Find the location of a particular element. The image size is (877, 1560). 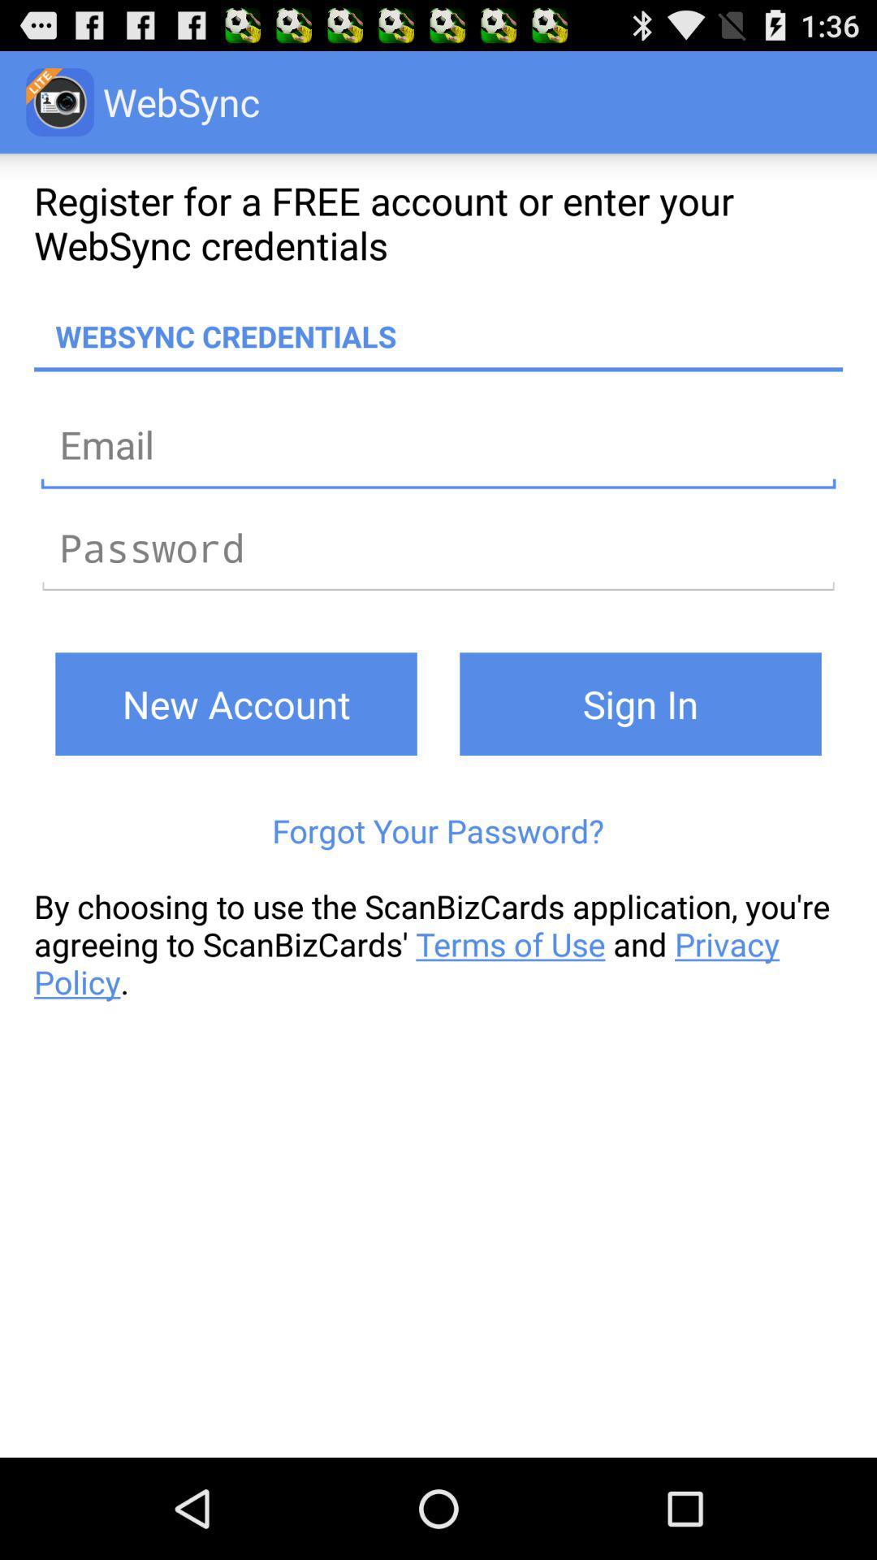

the button to the right of new account icon is located at coordinates (640, 704).